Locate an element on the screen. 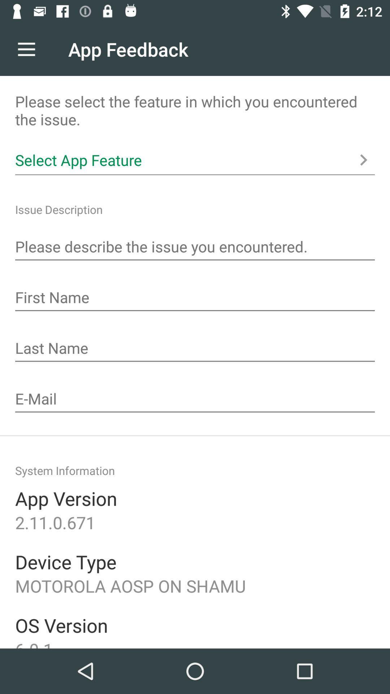 This screenshot has width=390, height=694. last name is located at coordinates (195, 349).